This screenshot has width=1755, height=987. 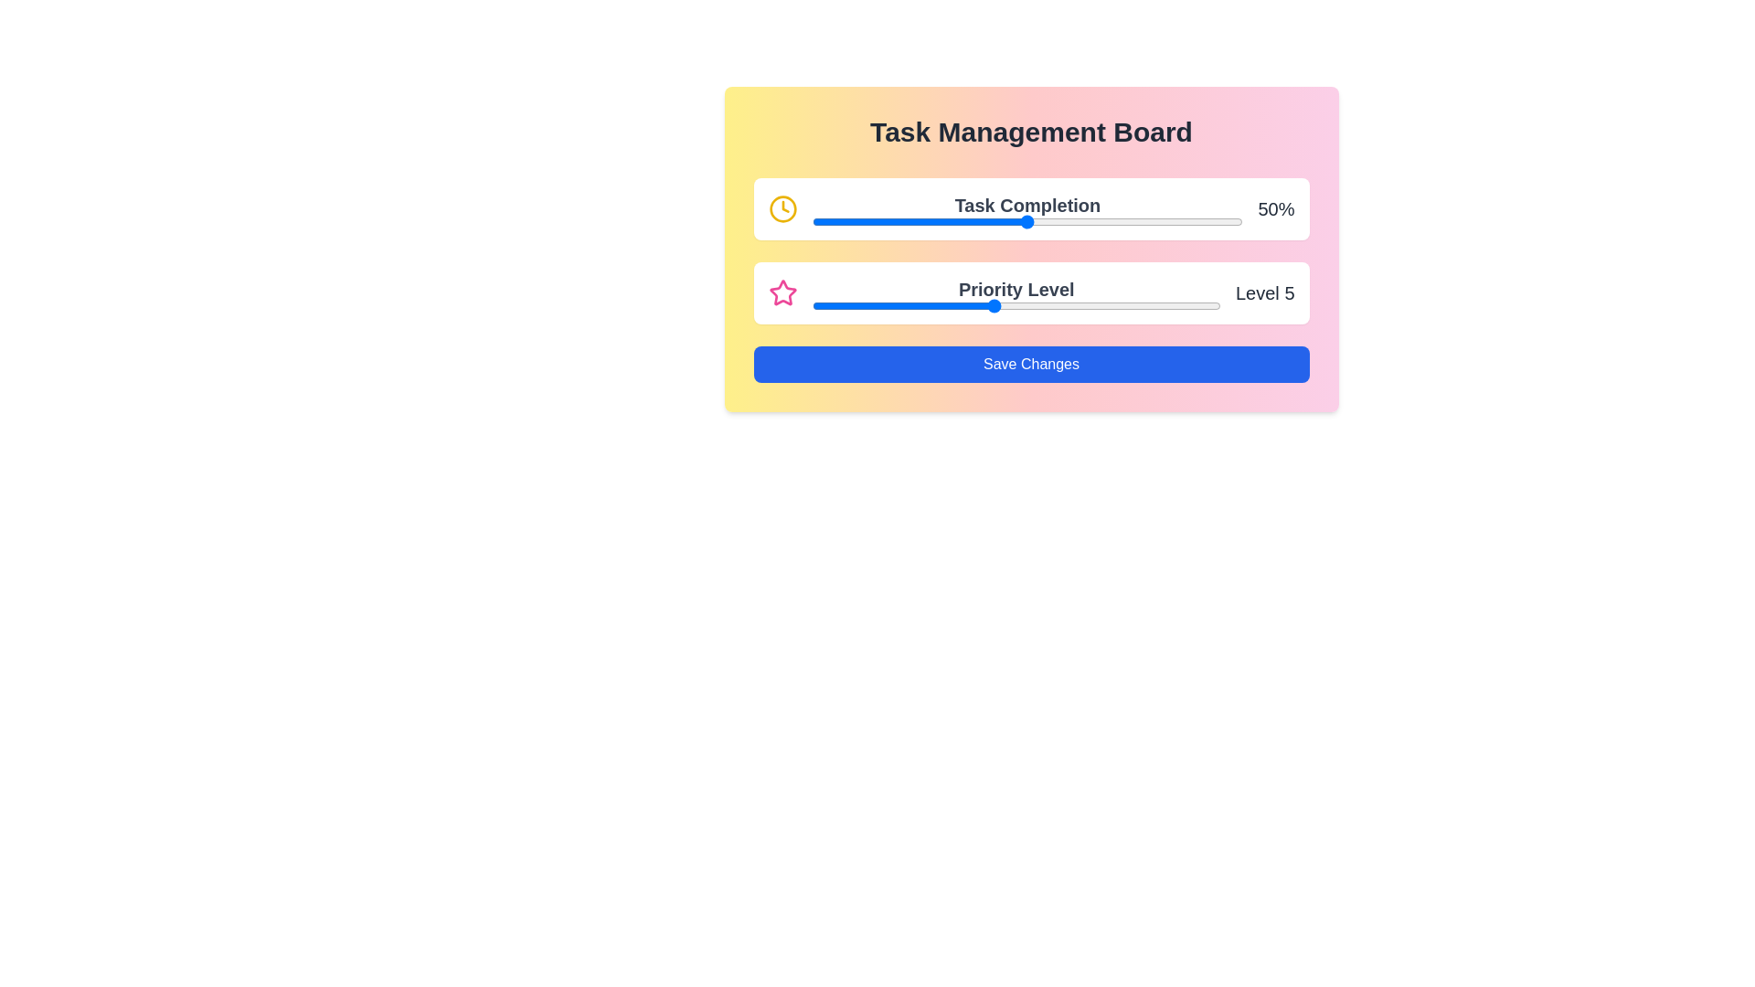 I want to click on priority level, so click(x=1129, y=305).